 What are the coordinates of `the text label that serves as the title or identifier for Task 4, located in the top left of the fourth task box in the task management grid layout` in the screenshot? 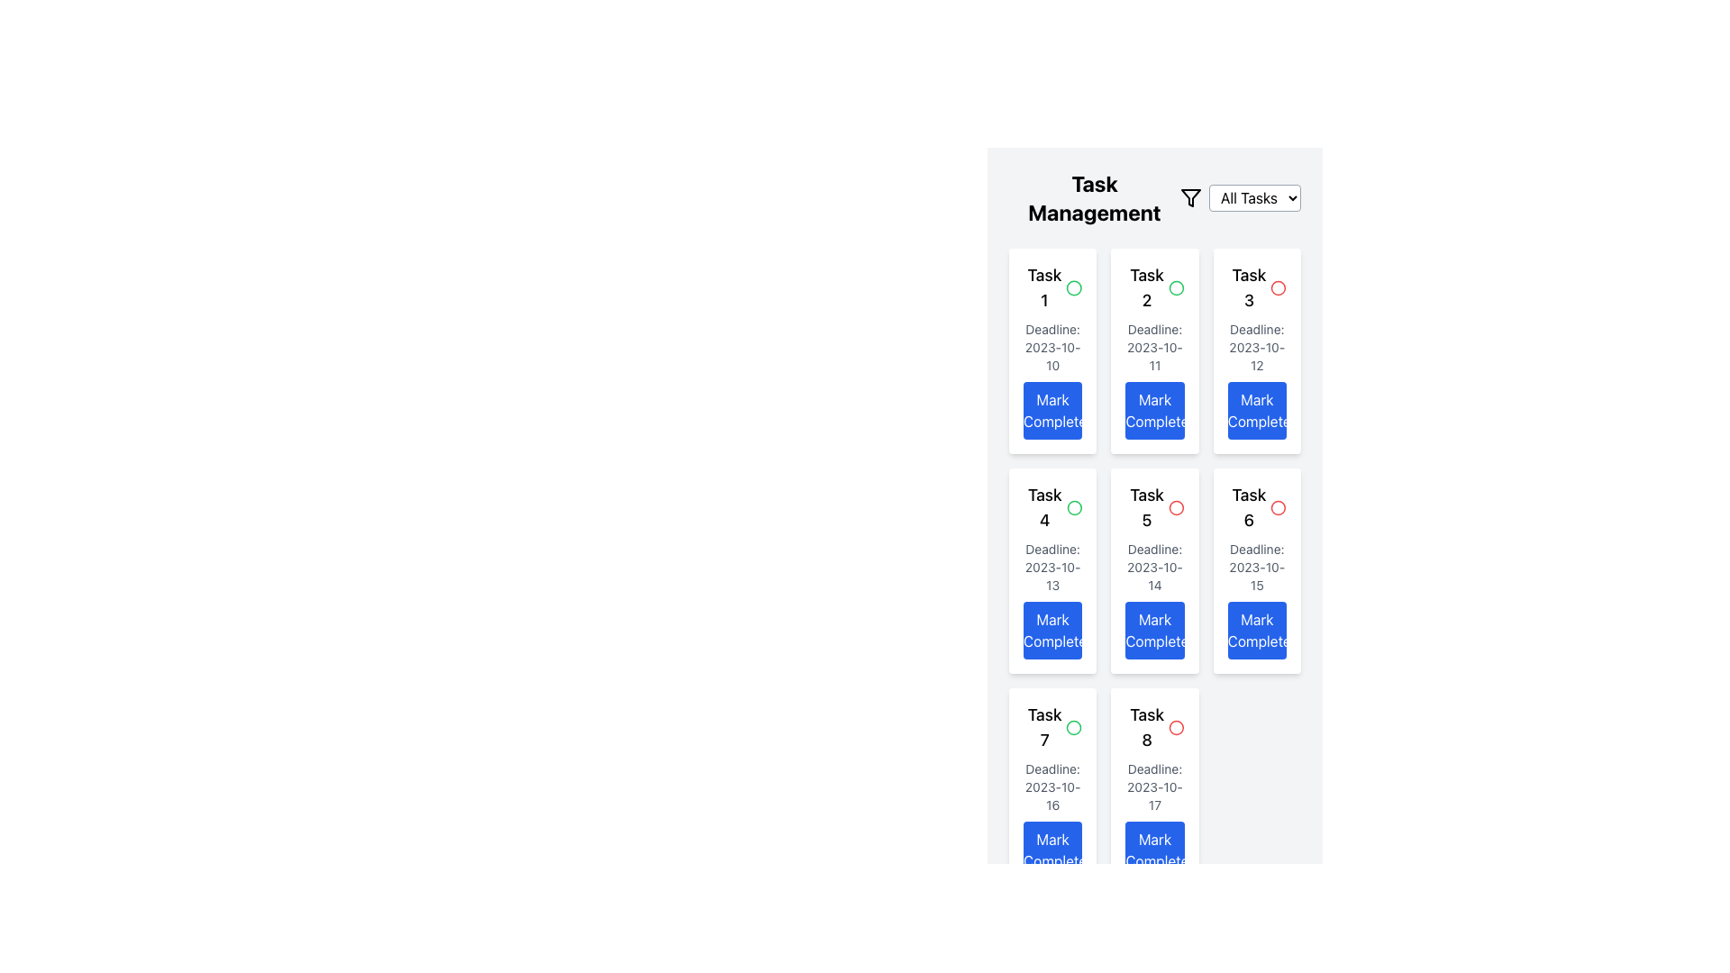 It's located at (1044, 507).